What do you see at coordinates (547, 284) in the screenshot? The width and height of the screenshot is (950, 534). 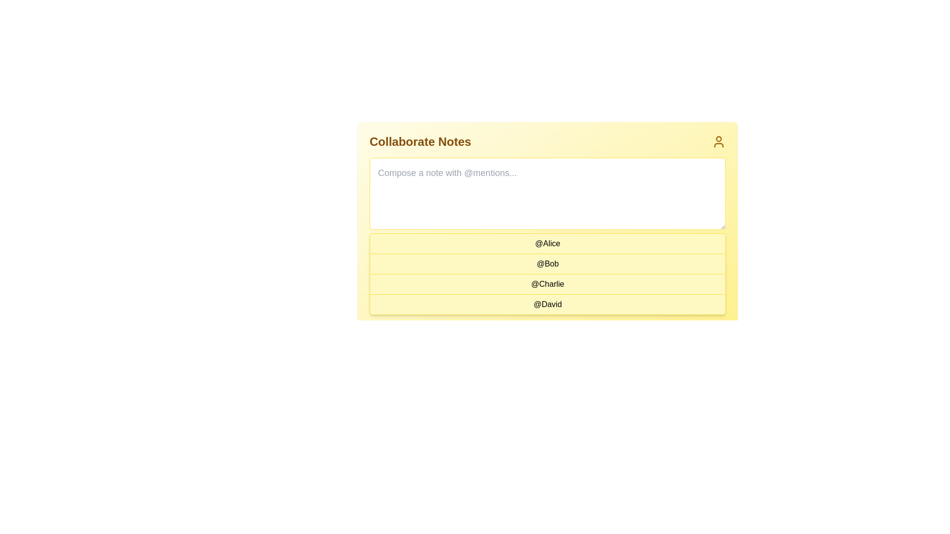 I see `the third item` at bounding box center [547, 284].